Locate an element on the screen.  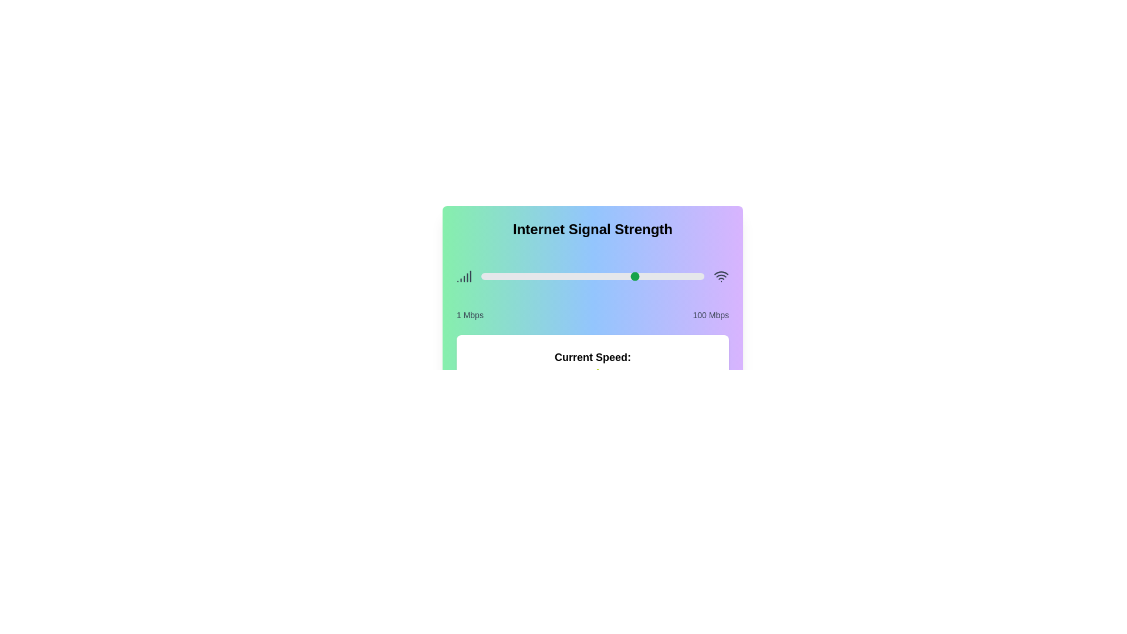
the slider to set the signal strength to 25 Mbps is located at coordinates (535, 276).